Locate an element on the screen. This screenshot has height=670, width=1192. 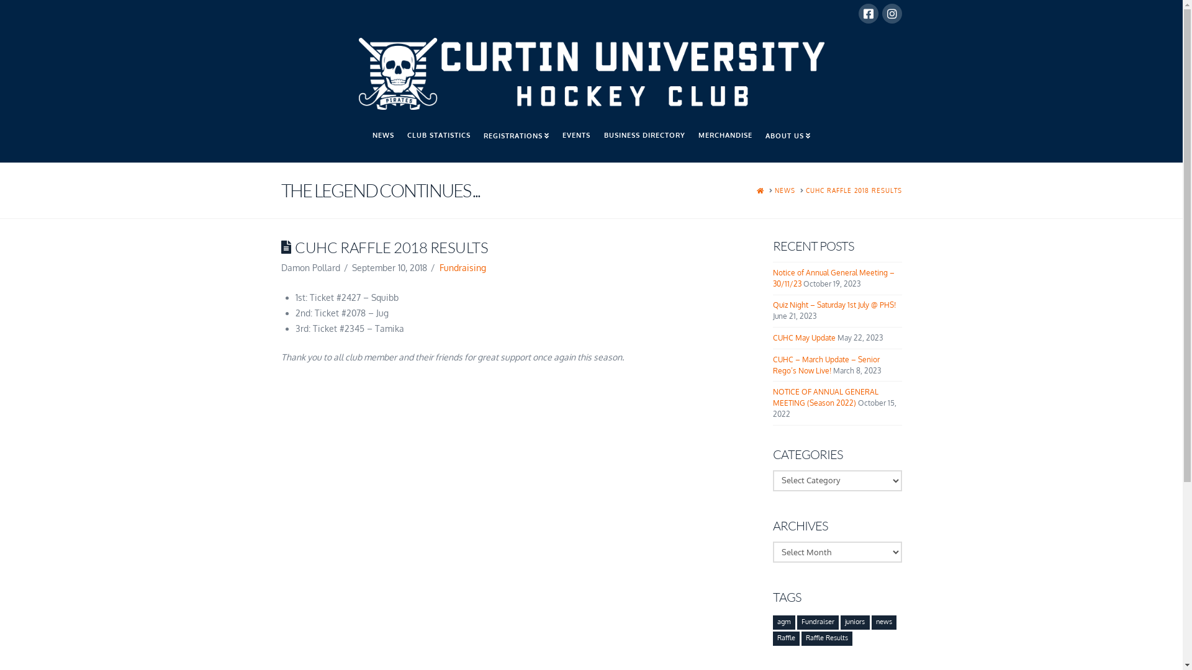
'Raffle' is located at coordinates (785, 638).